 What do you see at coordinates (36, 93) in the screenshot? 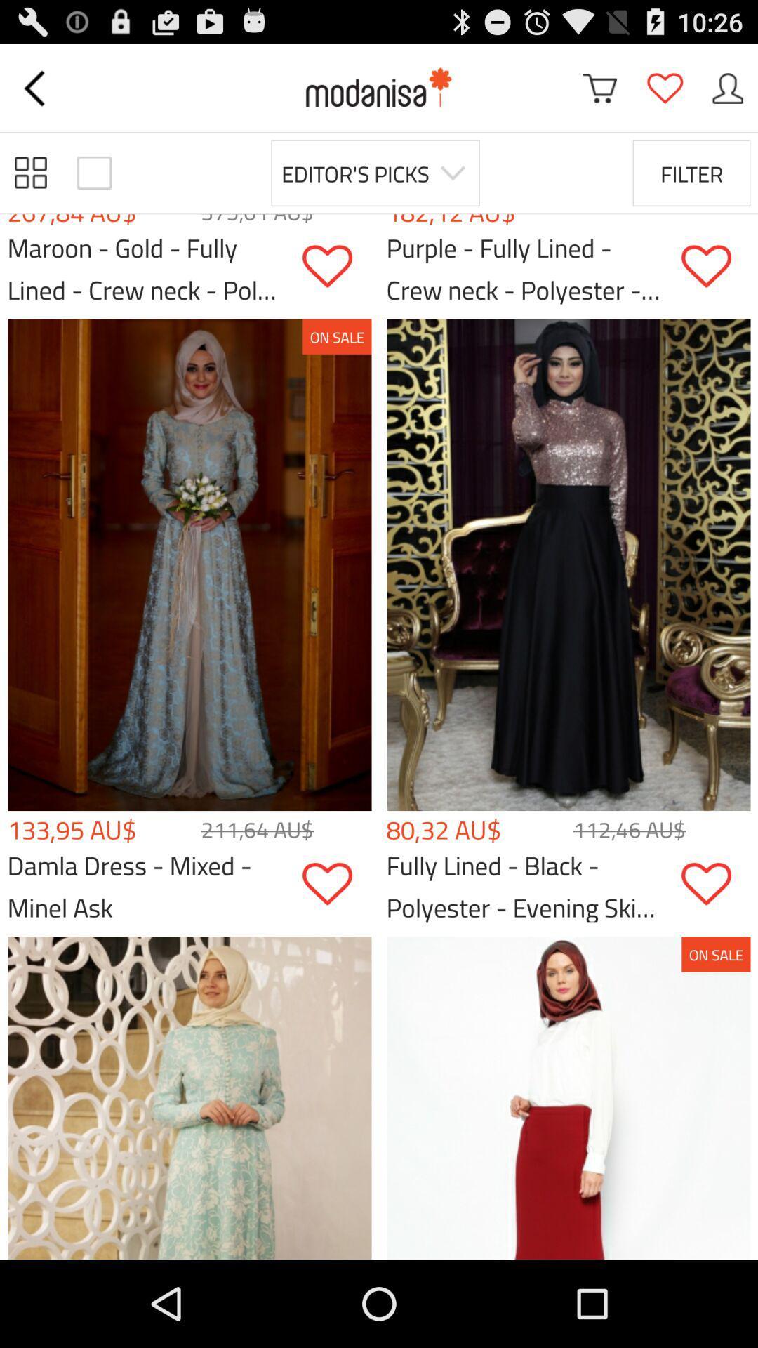
I see `the arrow_backward icon` at bounding box center [36, 93].